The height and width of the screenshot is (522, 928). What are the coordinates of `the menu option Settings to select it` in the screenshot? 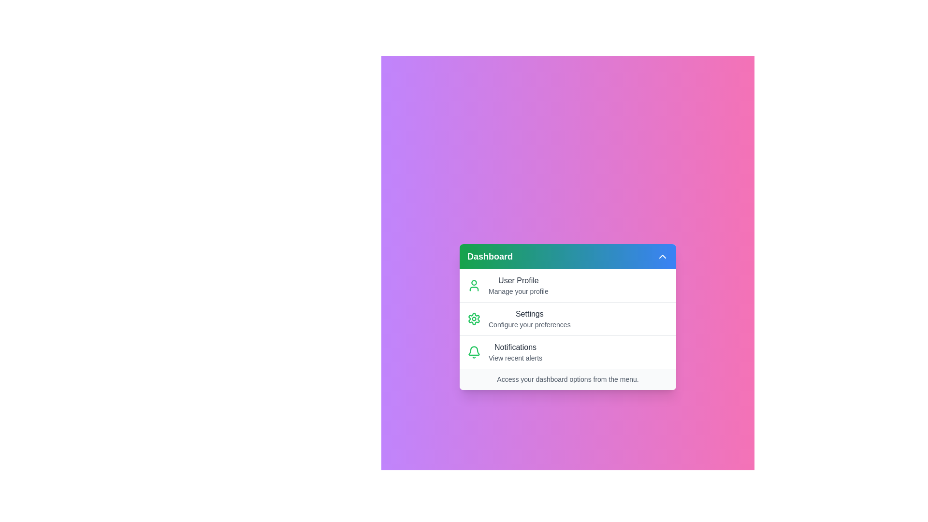 It's located at (568, 319).